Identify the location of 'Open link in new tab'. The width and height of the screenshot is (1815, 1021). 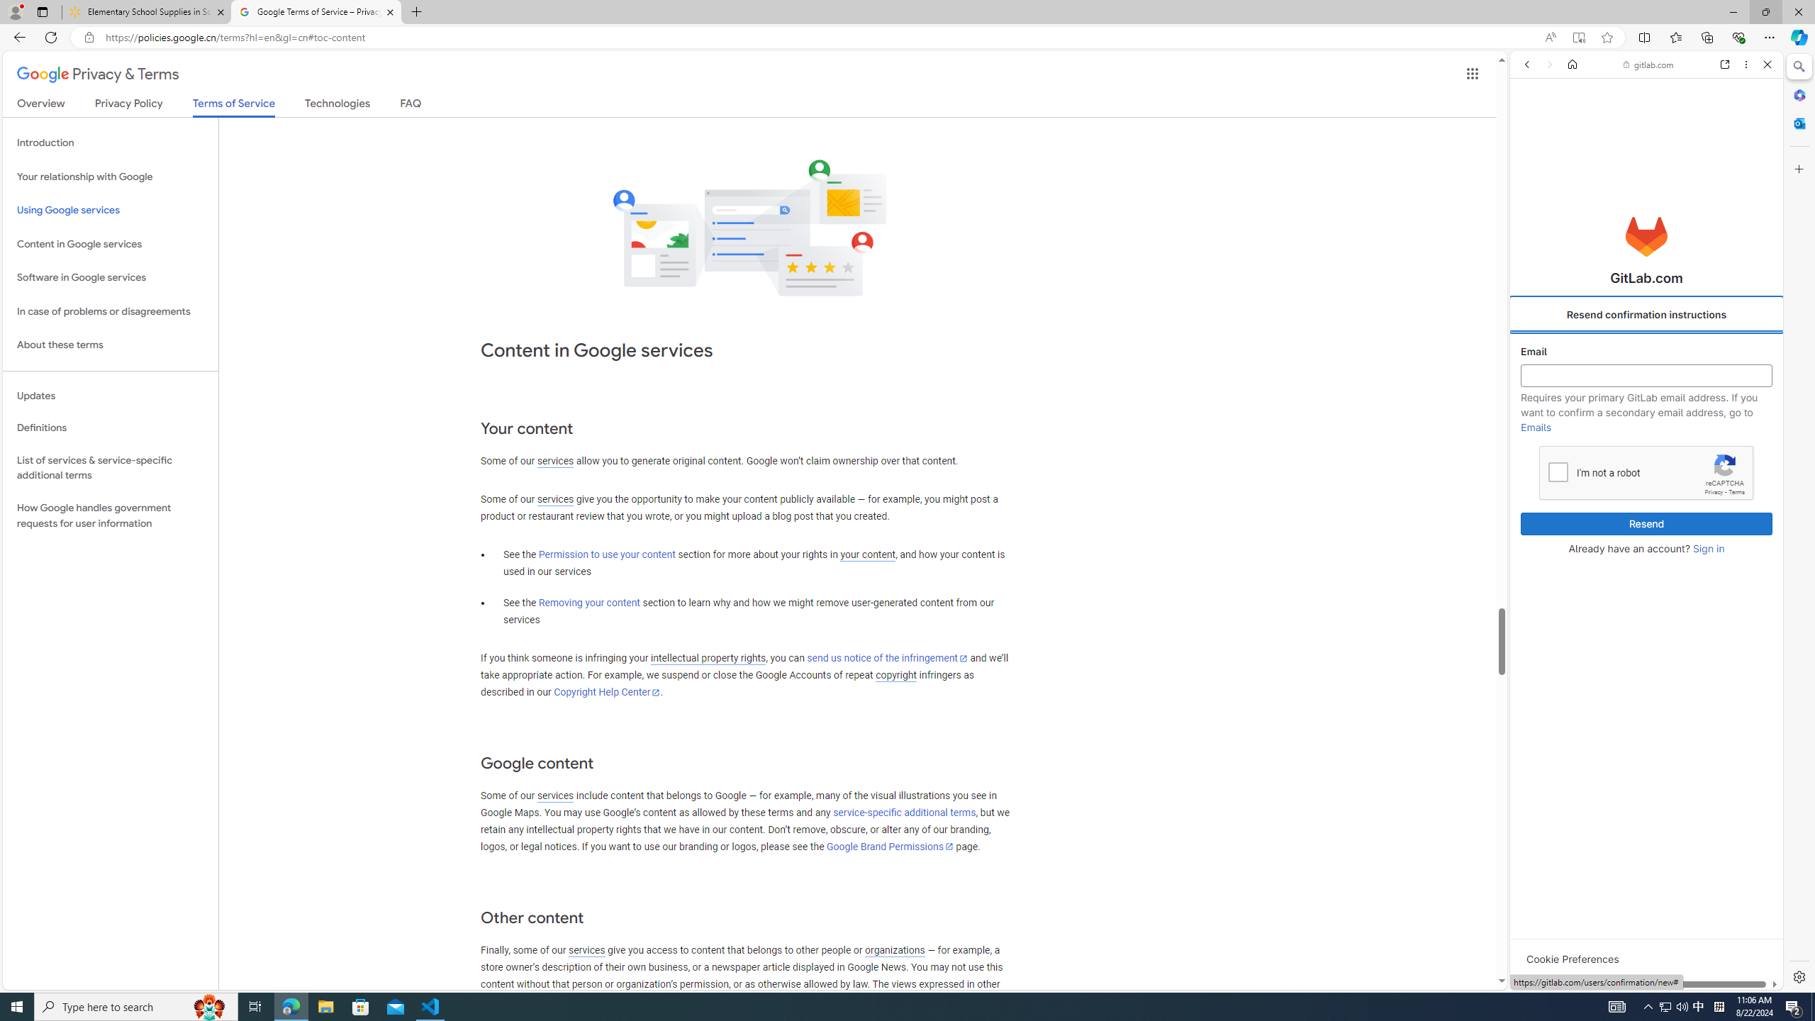
(1725, 63).